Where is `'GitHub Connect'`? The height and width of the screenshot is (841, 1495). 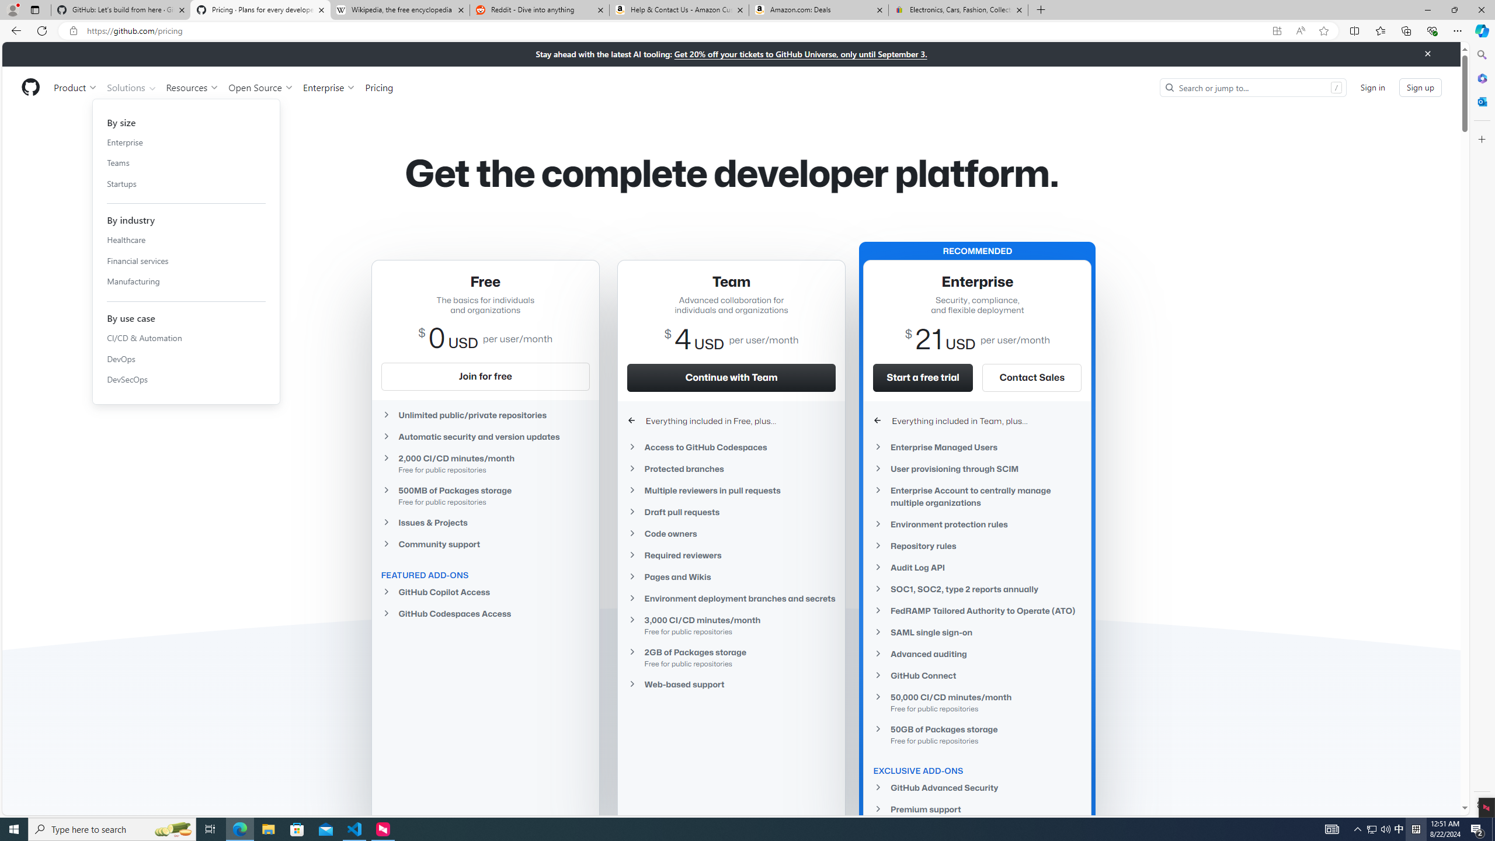 'GitHub Connect' is located at coordinates (978, 675).